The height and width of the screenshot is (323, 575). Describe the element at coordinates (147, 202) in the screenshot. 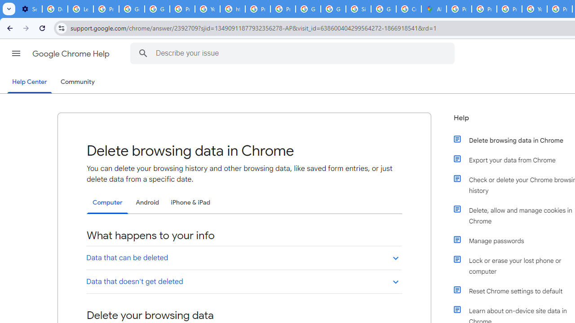

I see `'Android'` at that location.